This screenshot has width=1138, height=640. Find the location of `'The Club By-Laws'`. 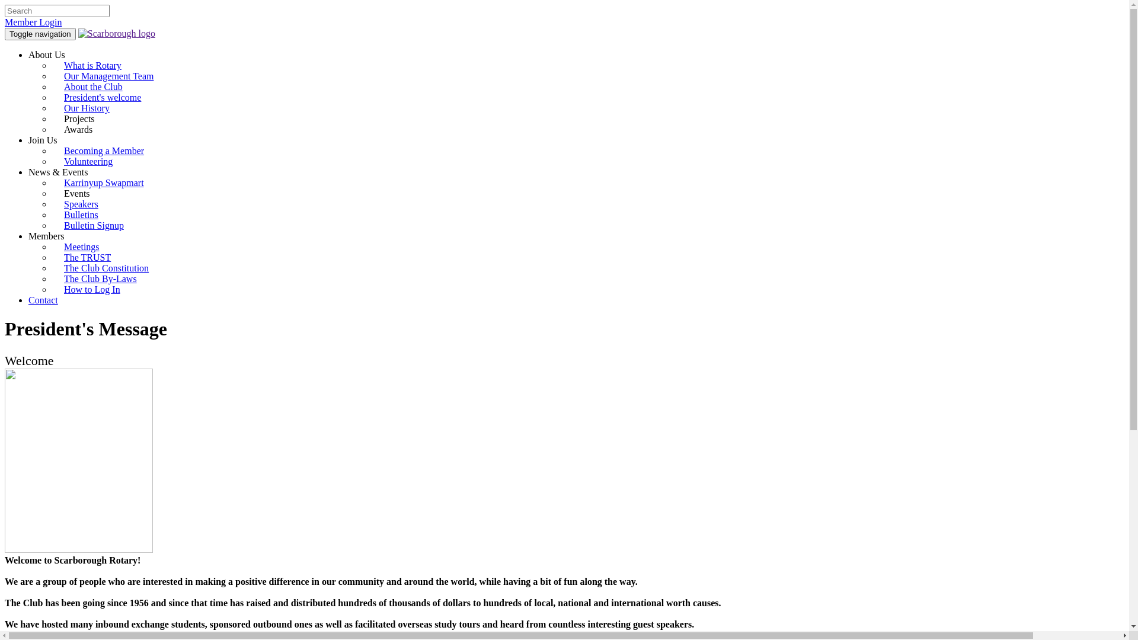

'The Club By-Laws' is located at coordinates (51, 279).